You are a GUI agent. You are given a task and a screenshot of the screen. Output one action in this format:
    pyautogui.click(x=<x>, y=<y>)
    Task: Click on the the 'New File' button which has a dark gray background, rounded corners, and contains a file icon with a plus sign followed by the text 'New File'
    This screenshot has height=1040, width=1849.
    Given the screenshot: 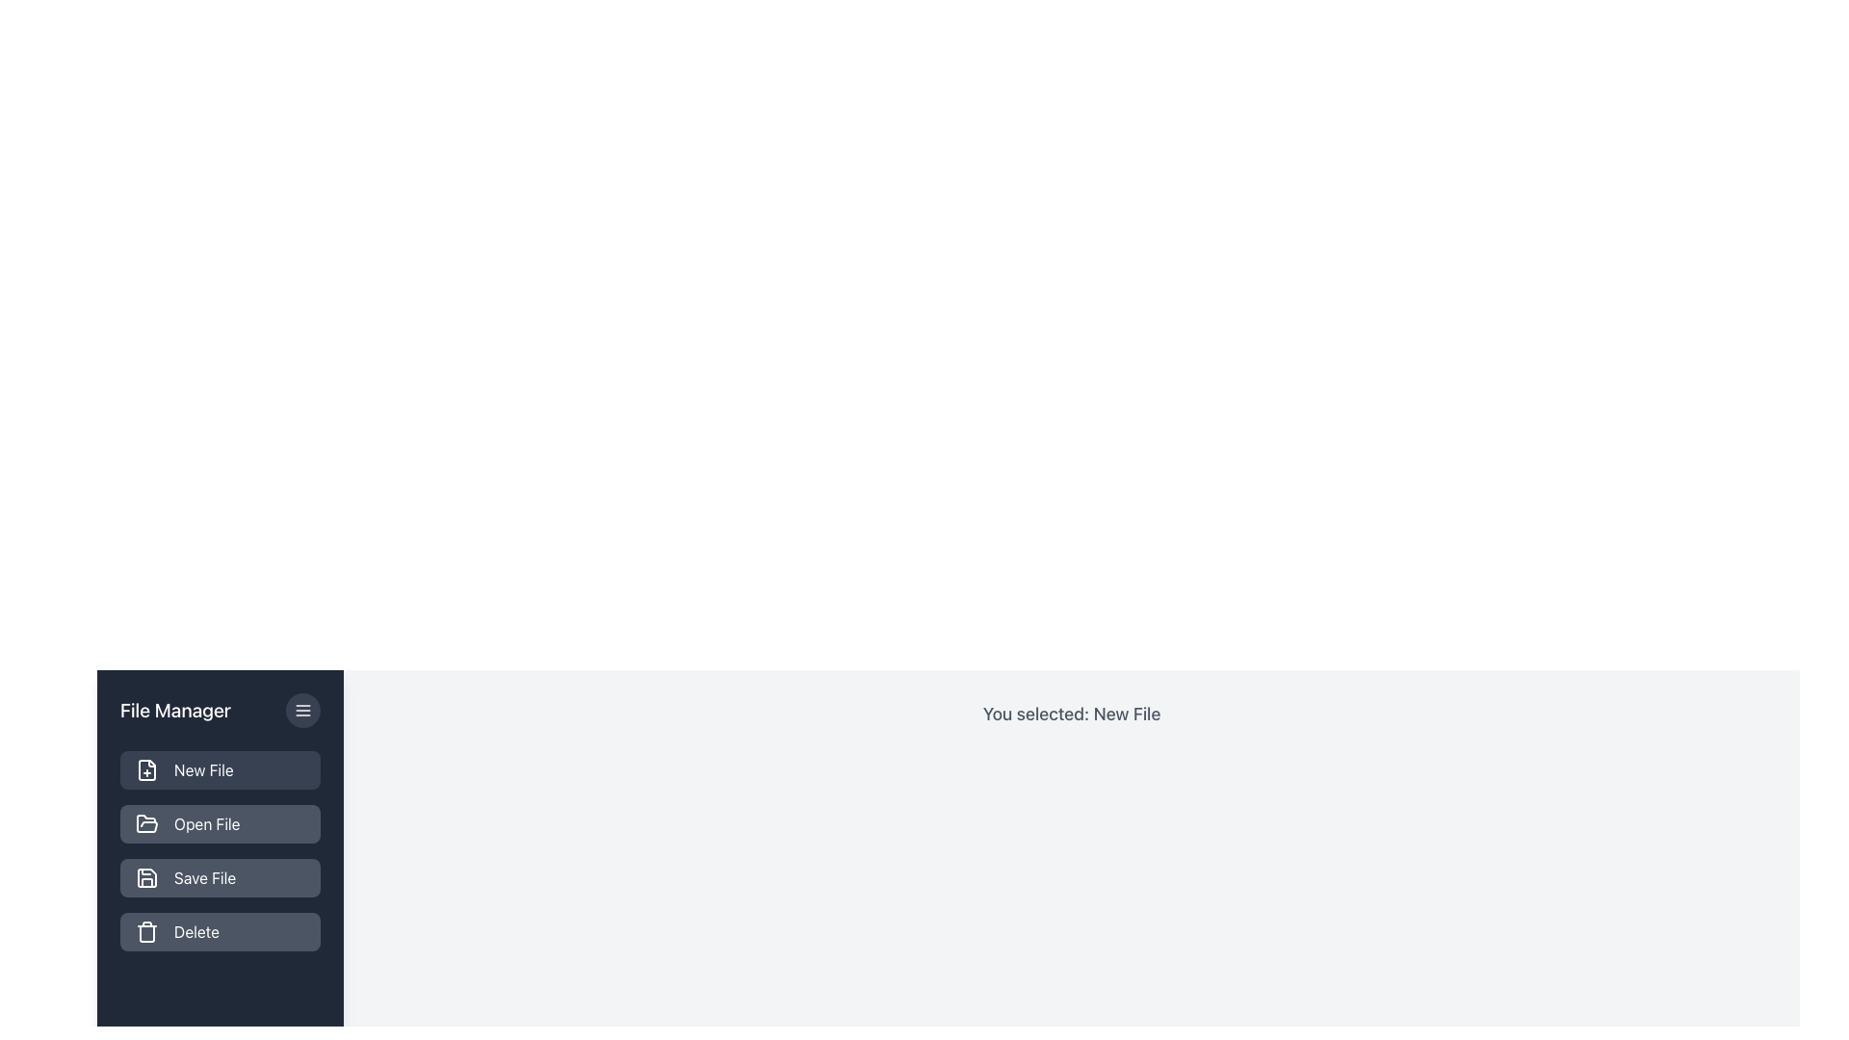 What is the action you would take?
    pyautogui.click(x=221, y=768)
    